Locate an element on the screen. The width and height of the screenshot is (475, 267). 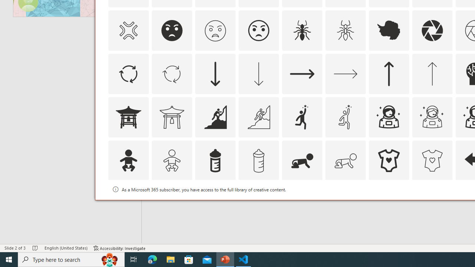
'AutomationID: Icons_AngryFace_M' is located at coordinates (214, 30).